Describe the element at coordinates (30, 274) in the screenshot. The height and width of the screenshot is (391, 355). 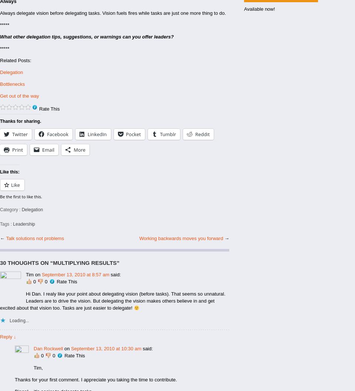
I see `'Tim'` at that location.